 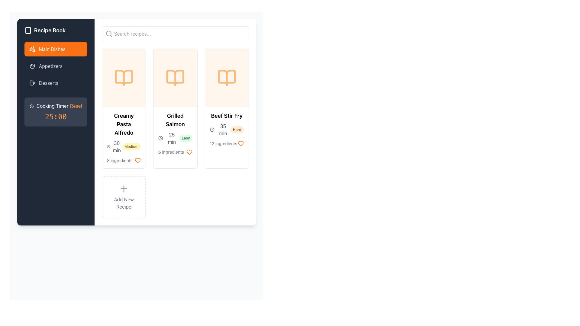 I want to click on estimated preparation or cooking time displayed in the text element located at the top-left corner of the 'Beef Stir Fry' recipe card, which is the first element in the row with the difficulty indicator 'Hard', so click(x=220, y=129).